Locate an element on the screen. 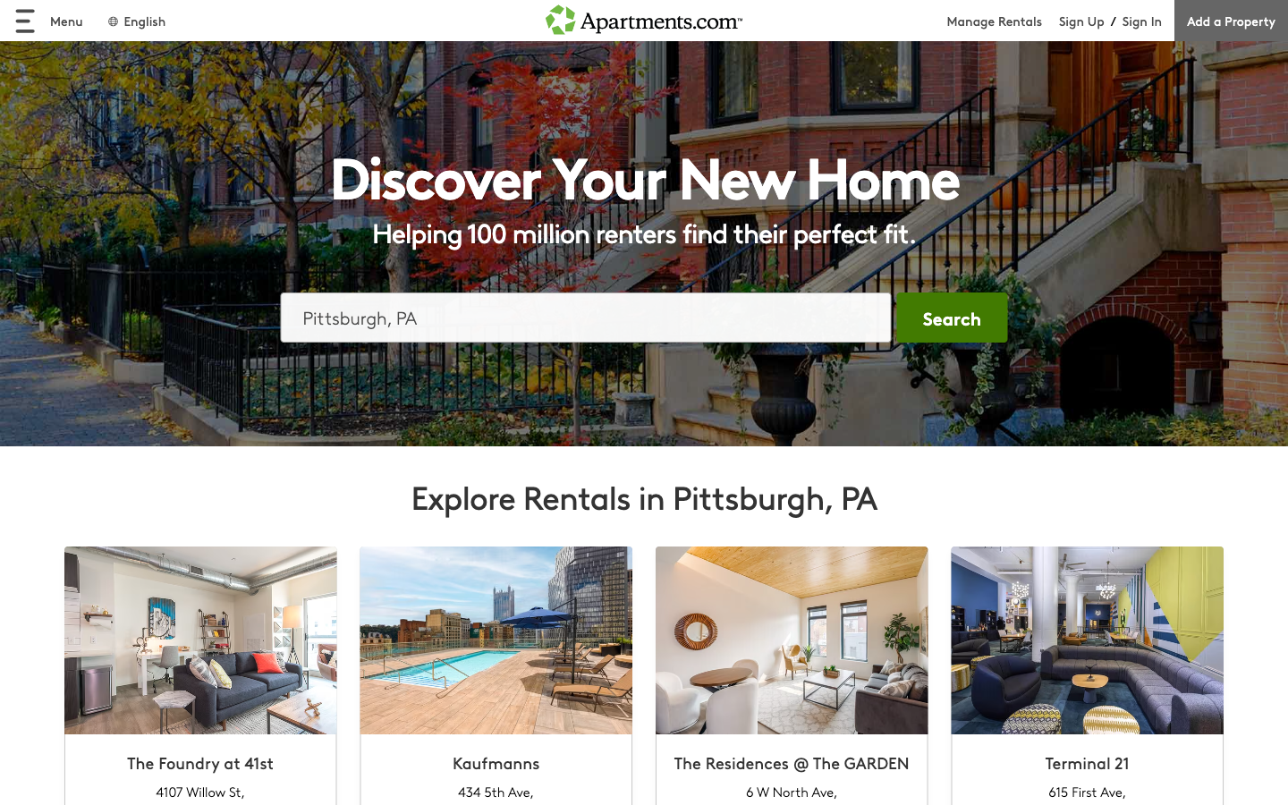 This screenshot has height=805, width=1288. Identify the geographical coordinates for Pittsburgh, PA is located at coordinates (585, 317).